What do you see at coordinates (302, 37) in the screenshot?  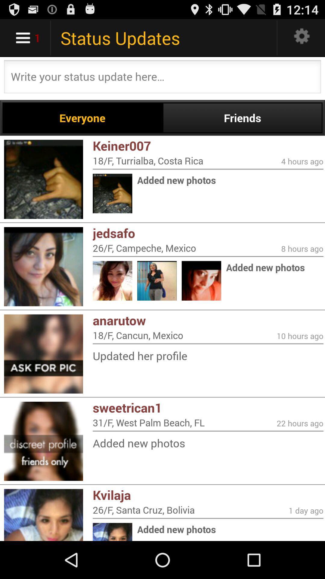 I see `settings` at bounding box center [302, 37].